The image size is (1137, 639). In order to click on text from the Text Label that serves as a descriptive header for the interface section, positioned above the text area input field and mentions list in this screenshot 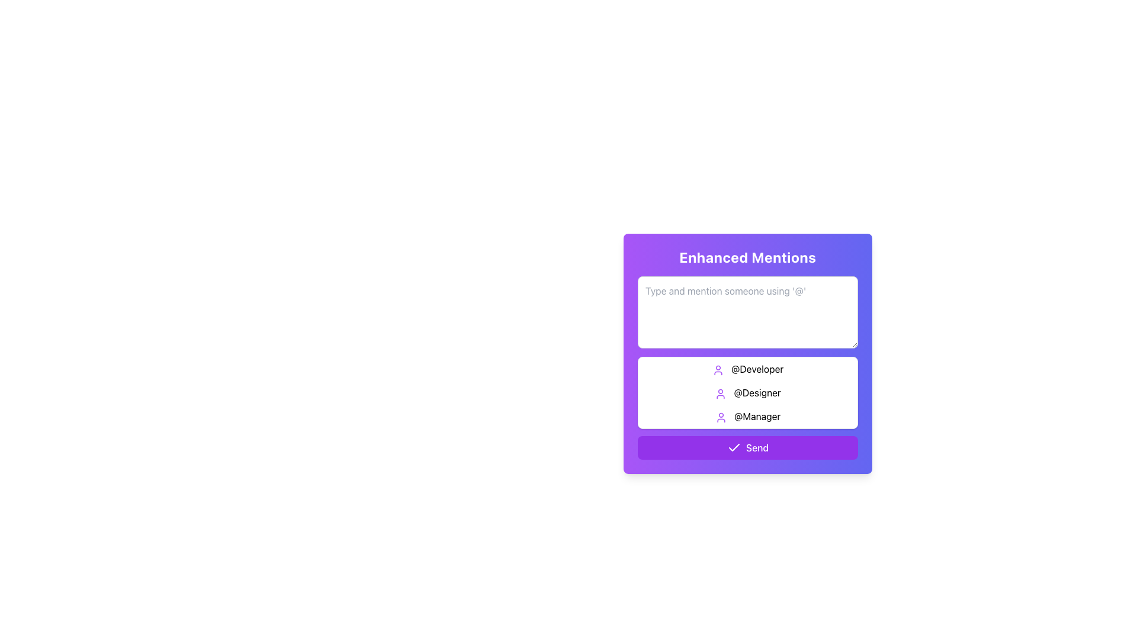, I will do `click(747, 257)`.